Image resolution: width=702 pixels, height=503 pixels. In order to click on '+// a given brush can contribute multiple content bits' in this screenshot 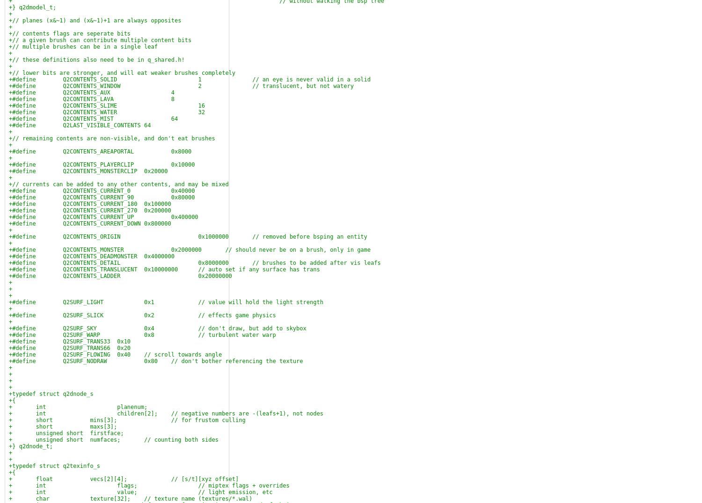, I will do `click(100, 40)`.